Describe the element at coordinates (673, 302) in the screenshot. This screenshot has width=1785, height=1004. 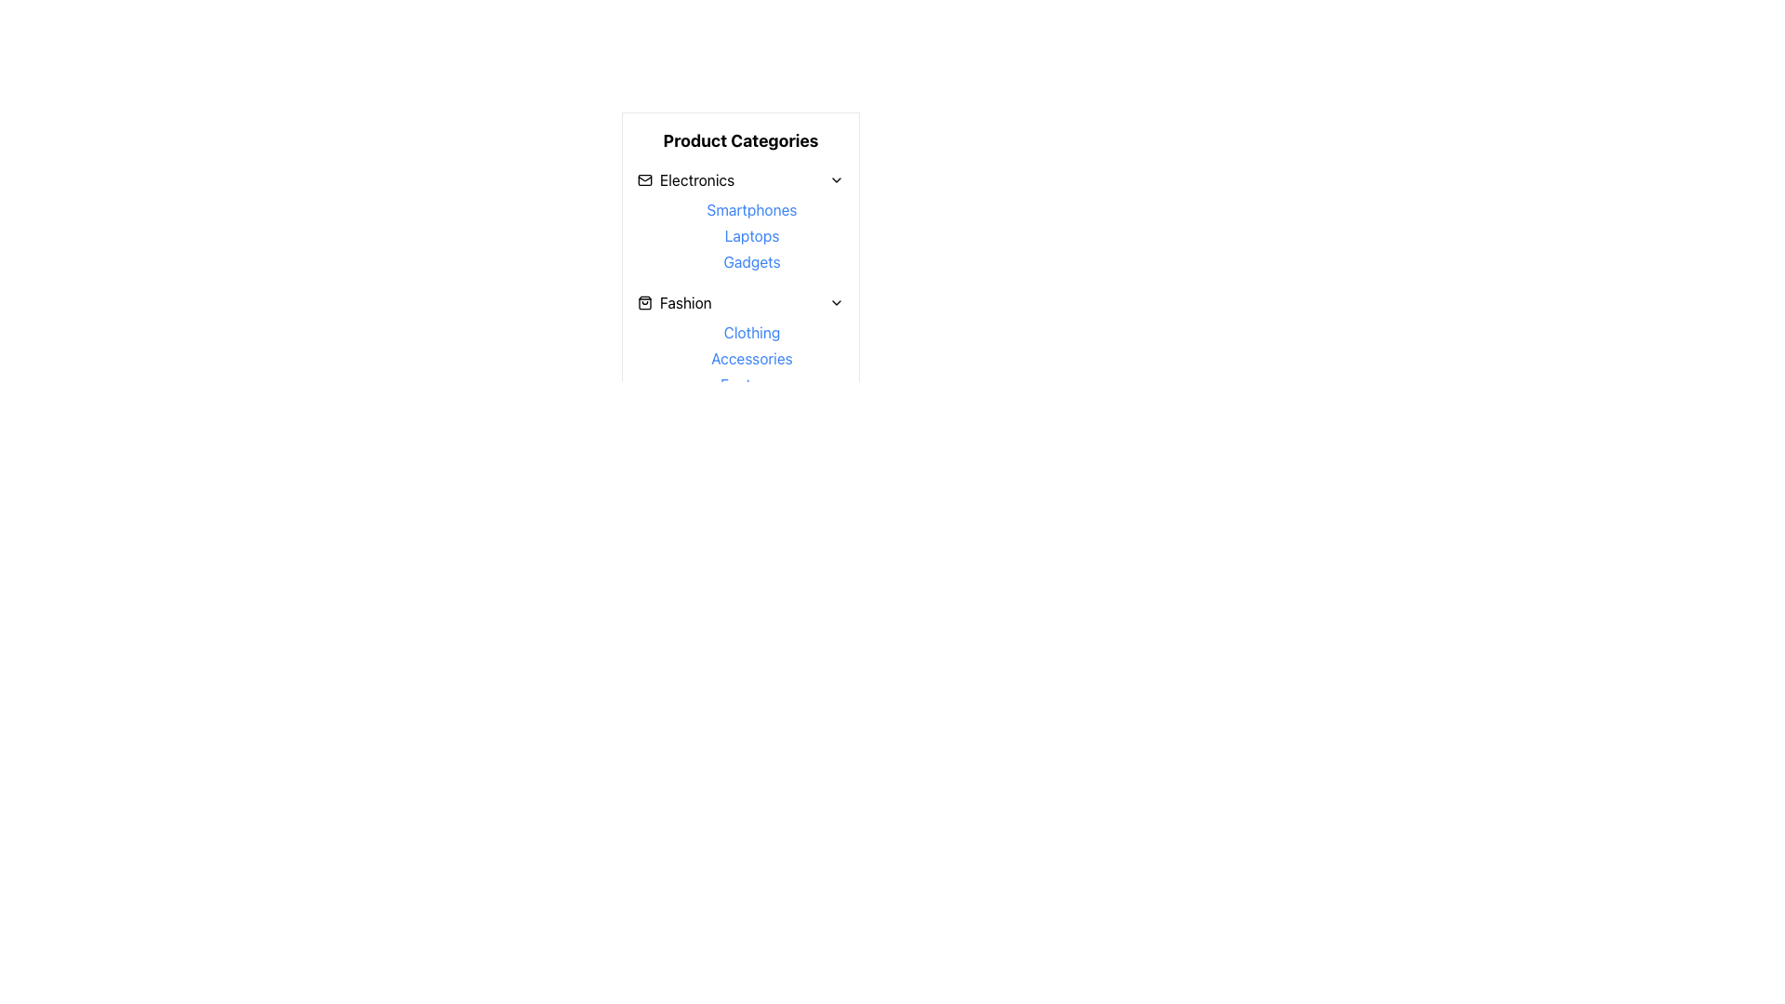
I see `the 'Fashion' label button, which displays the text 'Fashion' with a shopping bag icon on the left` at that location.